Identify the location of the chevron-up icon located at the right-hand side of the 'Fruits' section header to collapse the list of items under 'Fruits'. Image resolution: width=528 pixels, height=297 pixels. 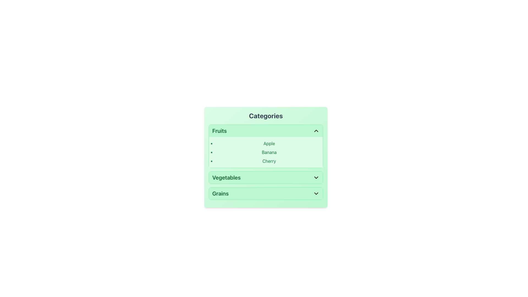
(316, 131).